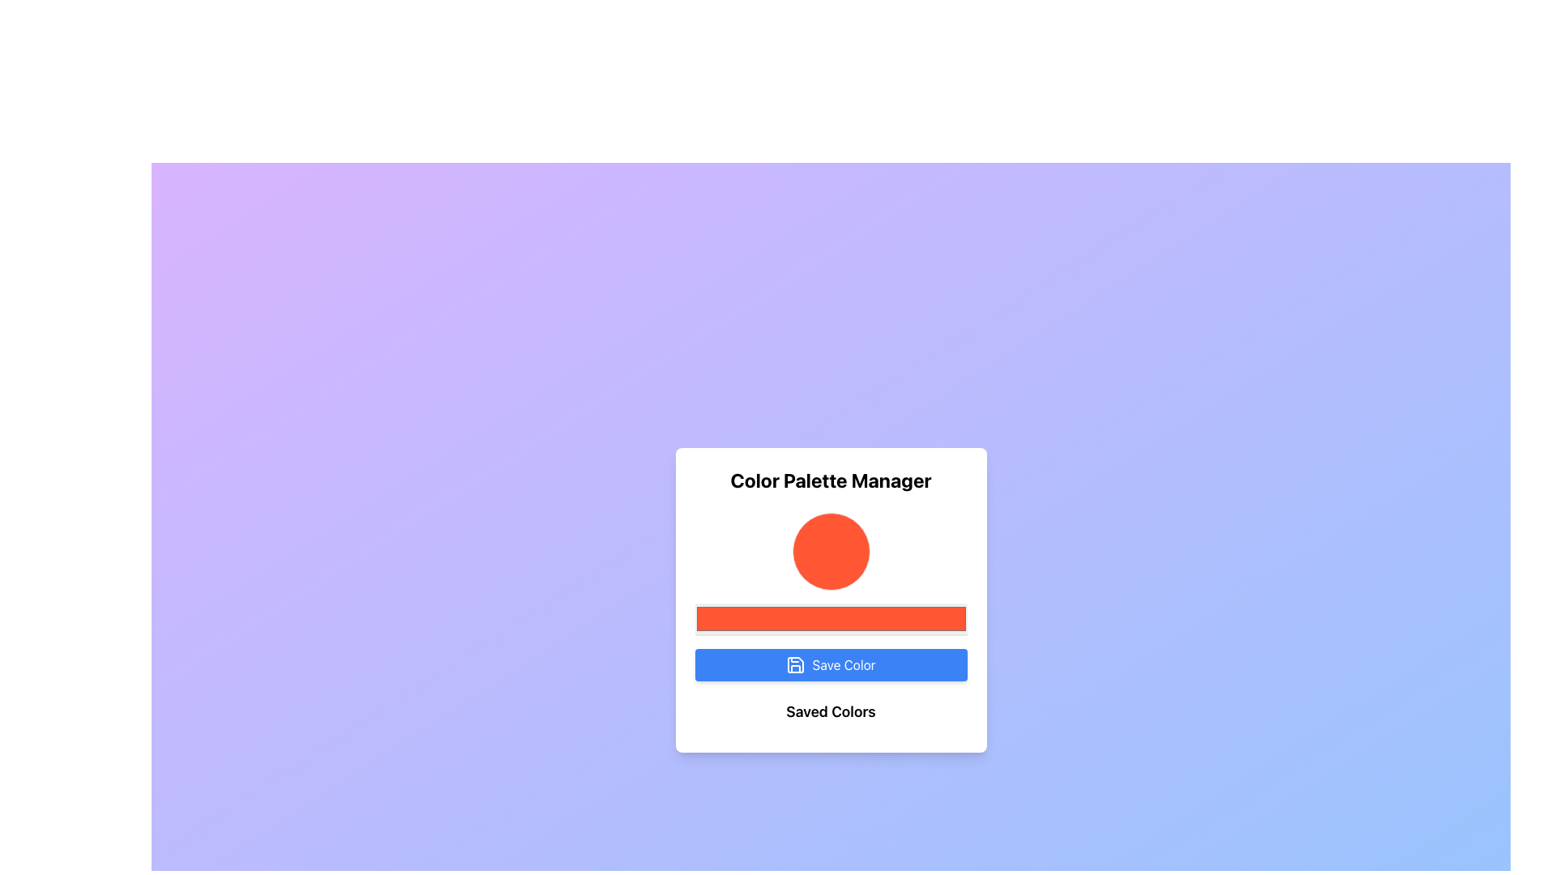 This screenshot has height=875, width=1556. I want to click on the 'Save Color' button, which is a bright blue rectangular button with white text and a floppy disk icon, located in the 'Color Palette Manager' section, so click(831, 665).